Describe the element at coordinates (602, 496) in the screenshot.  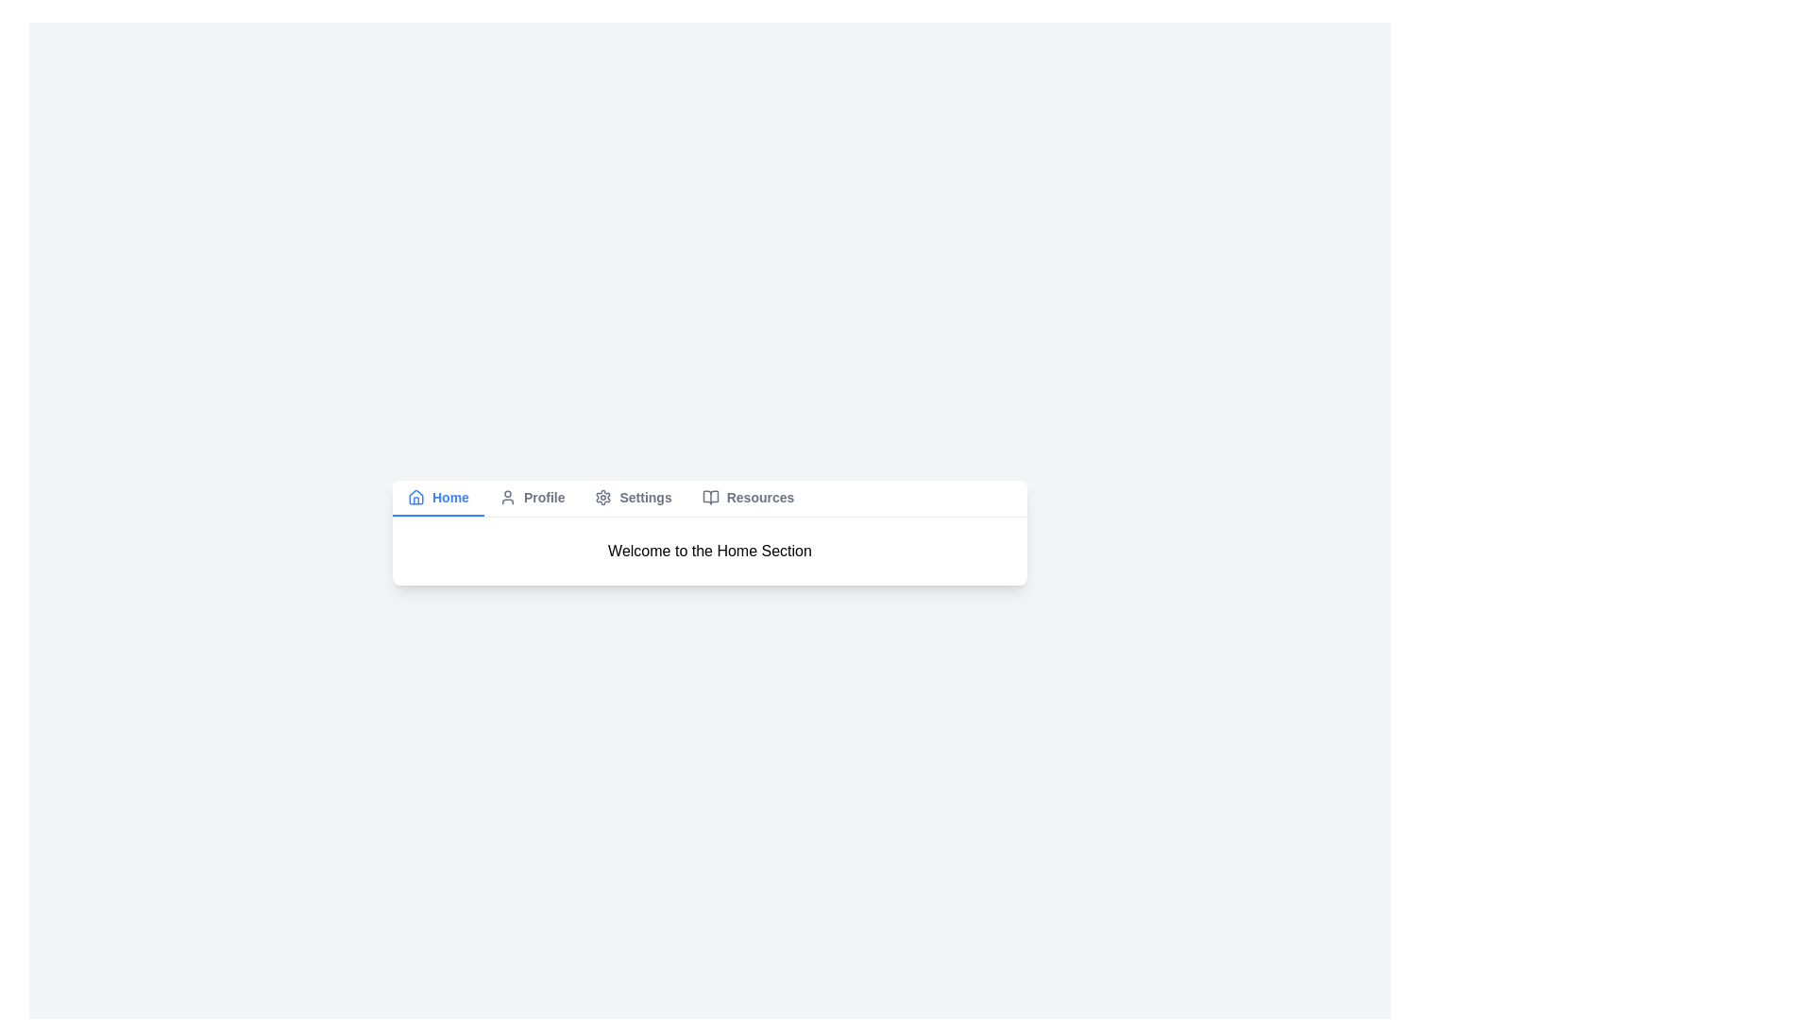
I see `the gear-shaped component of the settings icon located in the navigation bar` at that location.